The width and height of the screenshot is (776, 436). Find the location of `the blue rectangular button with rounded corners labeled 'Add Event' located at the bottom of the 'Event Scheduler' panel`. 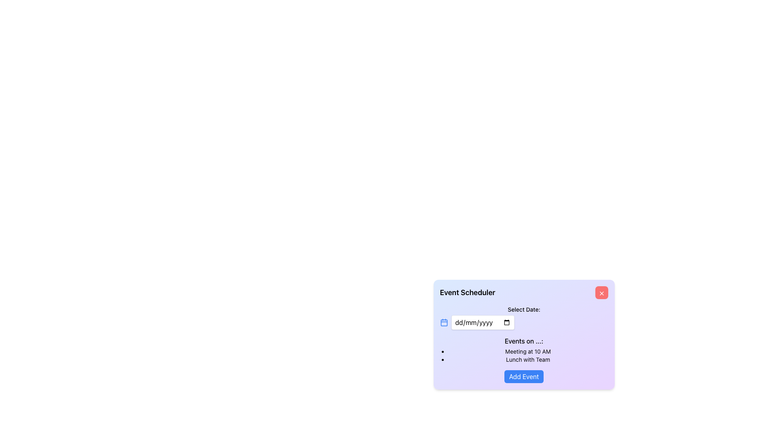

the blue rectangular button with rounded corners labeled 'Add Event' located at the bottom of the 'Event Scheduler' panel is located at coordinates (524, 377).